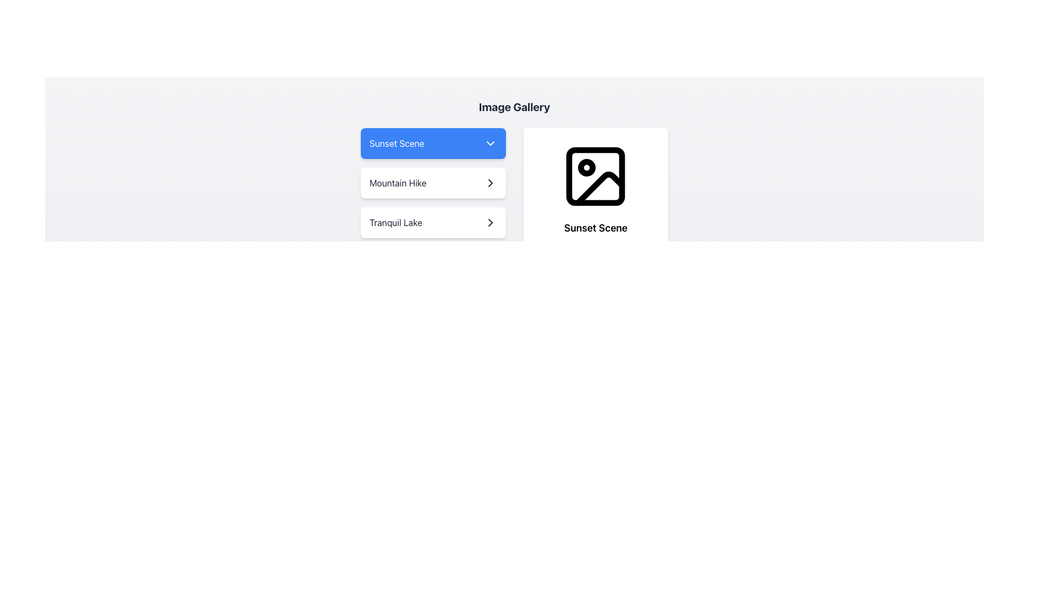  I want to click on the 'Tranquil Lake' selectable list item, which is the third item in the Image Gallery, so click(432, 223).